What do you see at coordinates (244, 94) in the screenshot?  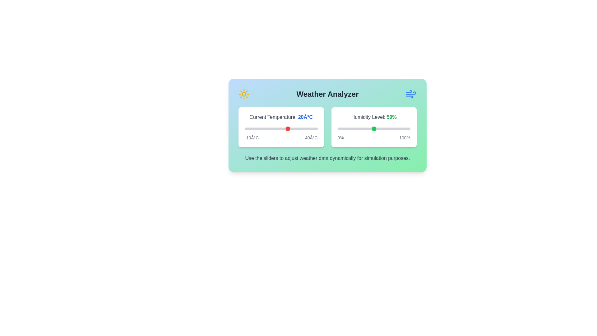 I see `the sun icon to interact with it` at bounding box center [244, 94].